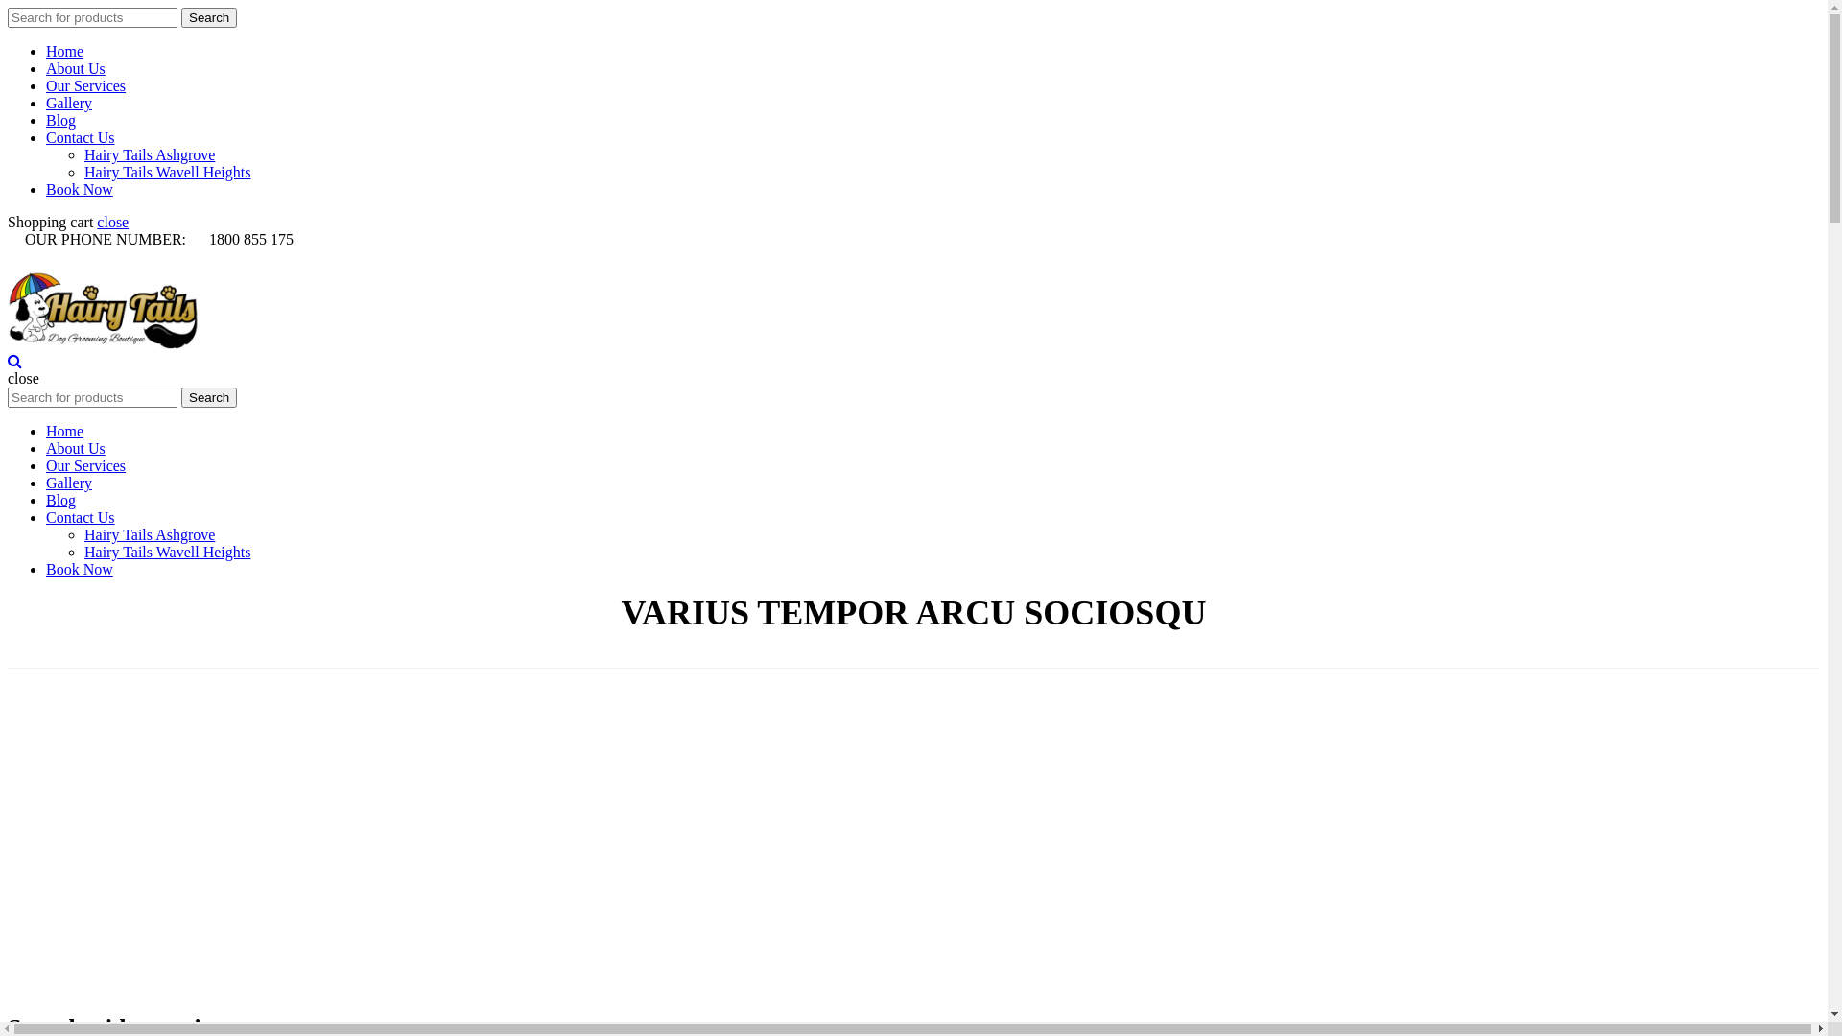  What do you see at coordinates (87, 283) in the screenshot?
I see `'My account'` at bounding box center [87, 283].